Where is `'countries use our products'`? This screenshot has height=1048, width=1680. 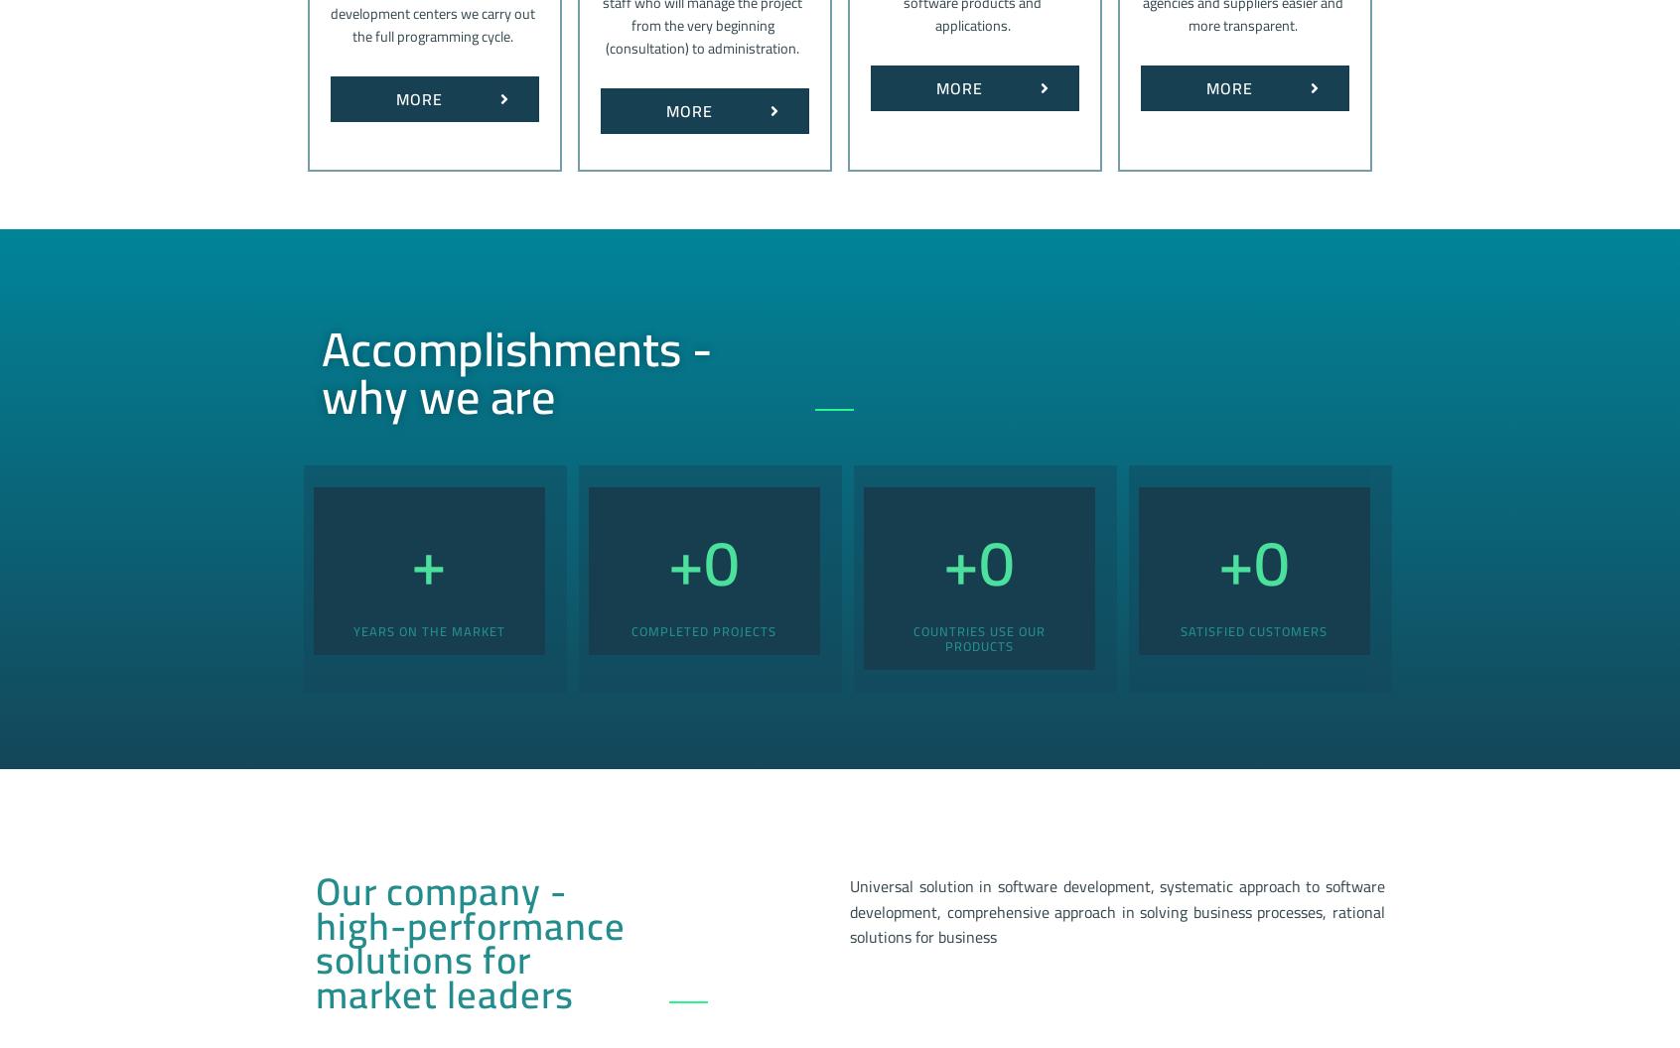 'countries use our products' is located at coordinates (978, 636).